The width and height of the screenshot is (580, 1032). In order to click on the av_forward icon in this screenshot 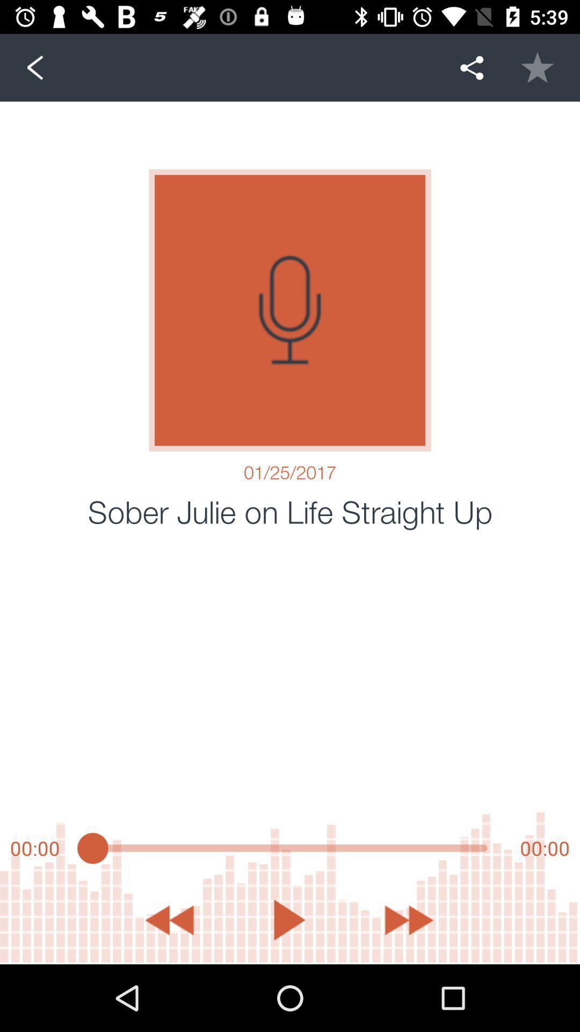, I will do `click(410, 920)`.